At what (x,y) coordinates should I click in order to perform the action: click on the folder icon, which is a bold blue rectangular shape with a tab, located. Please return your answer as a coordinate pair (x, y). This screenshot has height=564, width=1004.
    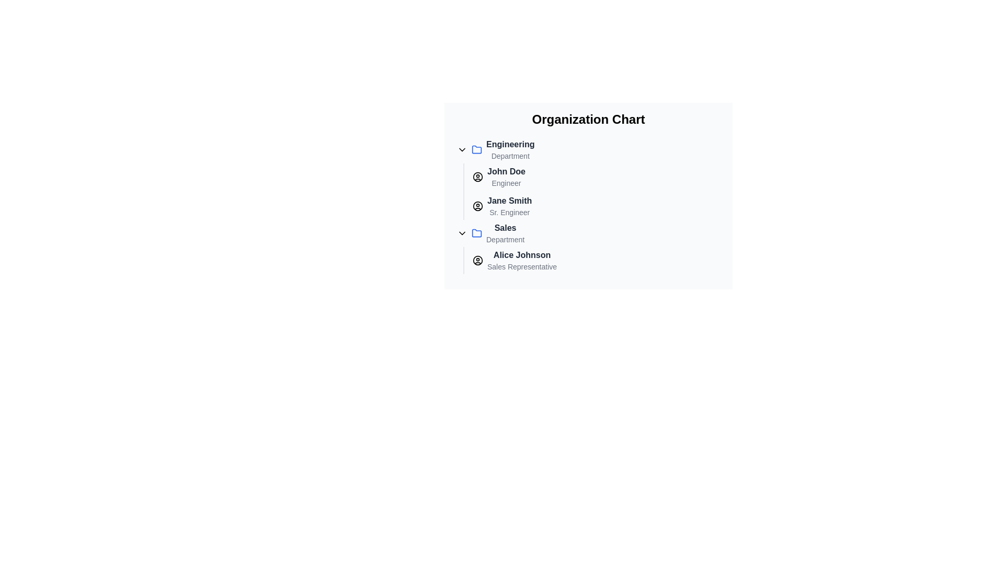
    Looking at the image, I should click on (476, 149).